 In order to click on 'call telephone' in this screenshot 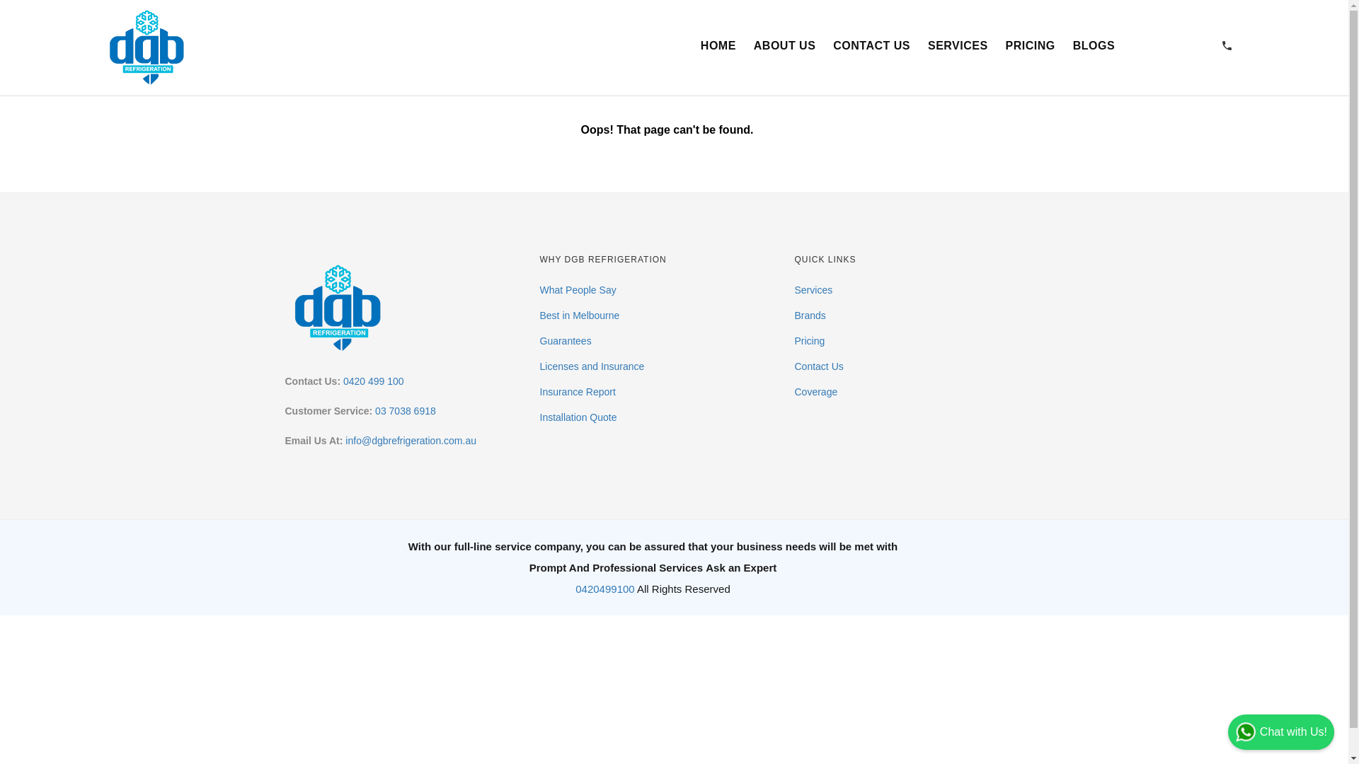, I will do `click(1226, 46)`.